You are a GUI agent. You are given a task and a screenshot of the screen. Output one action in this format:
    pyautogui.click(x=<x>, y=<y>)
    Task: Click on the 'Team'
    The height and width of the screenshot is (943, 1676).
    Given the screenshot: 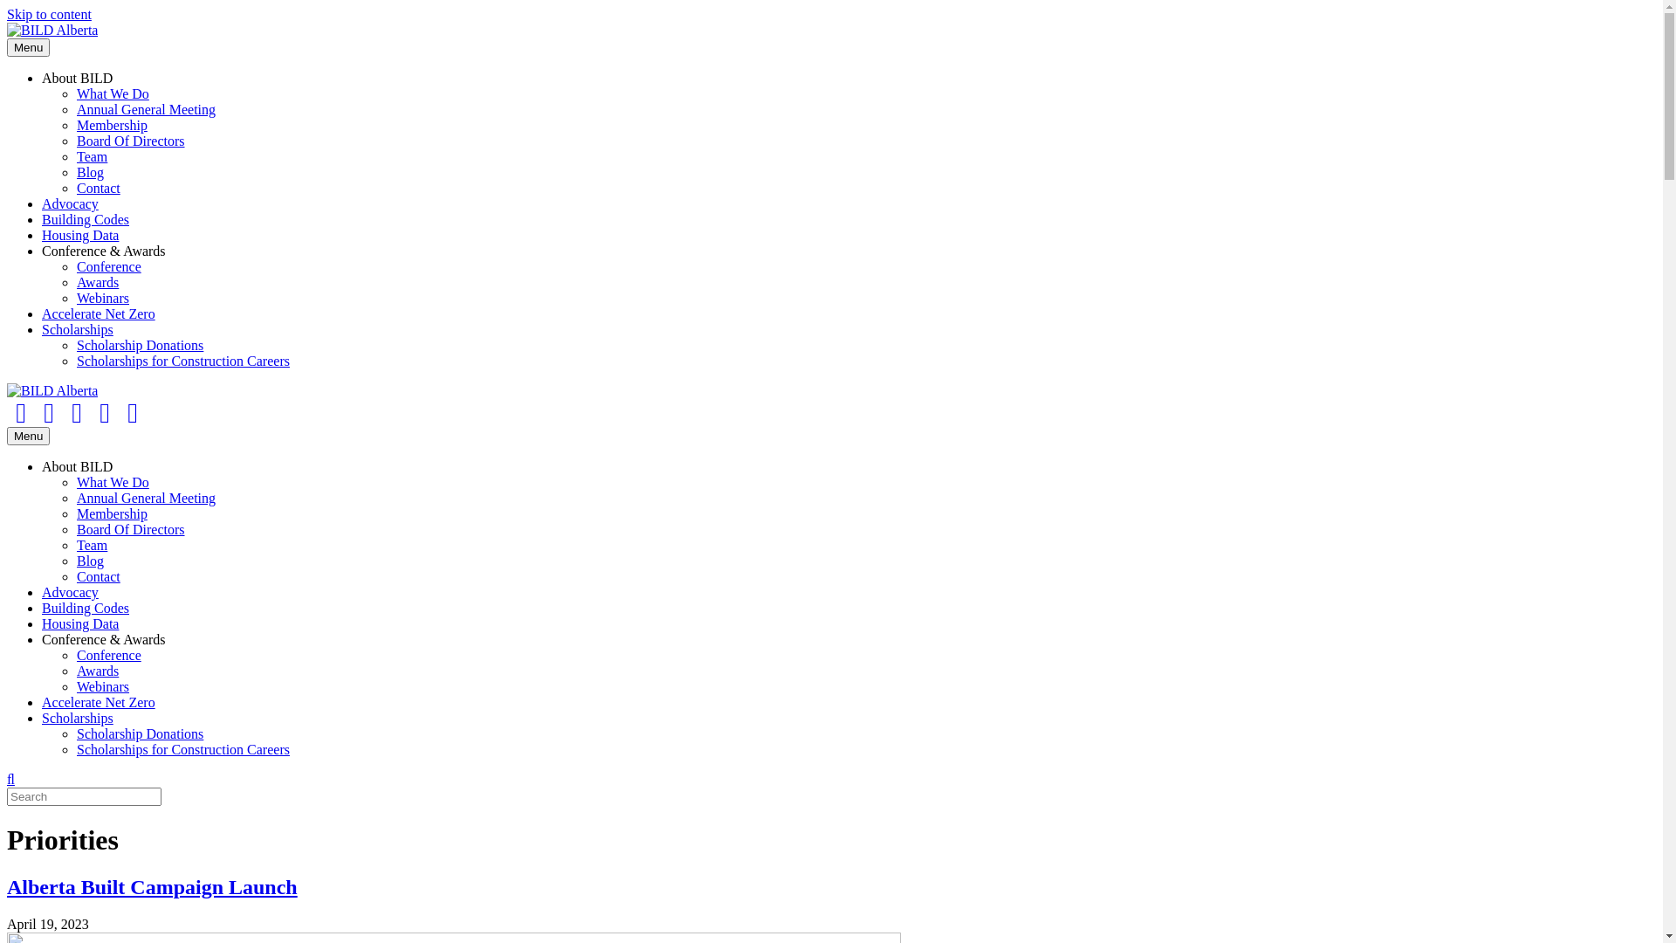 What is the action you would take?
    pyautogui.click(x=91, y=544)
    